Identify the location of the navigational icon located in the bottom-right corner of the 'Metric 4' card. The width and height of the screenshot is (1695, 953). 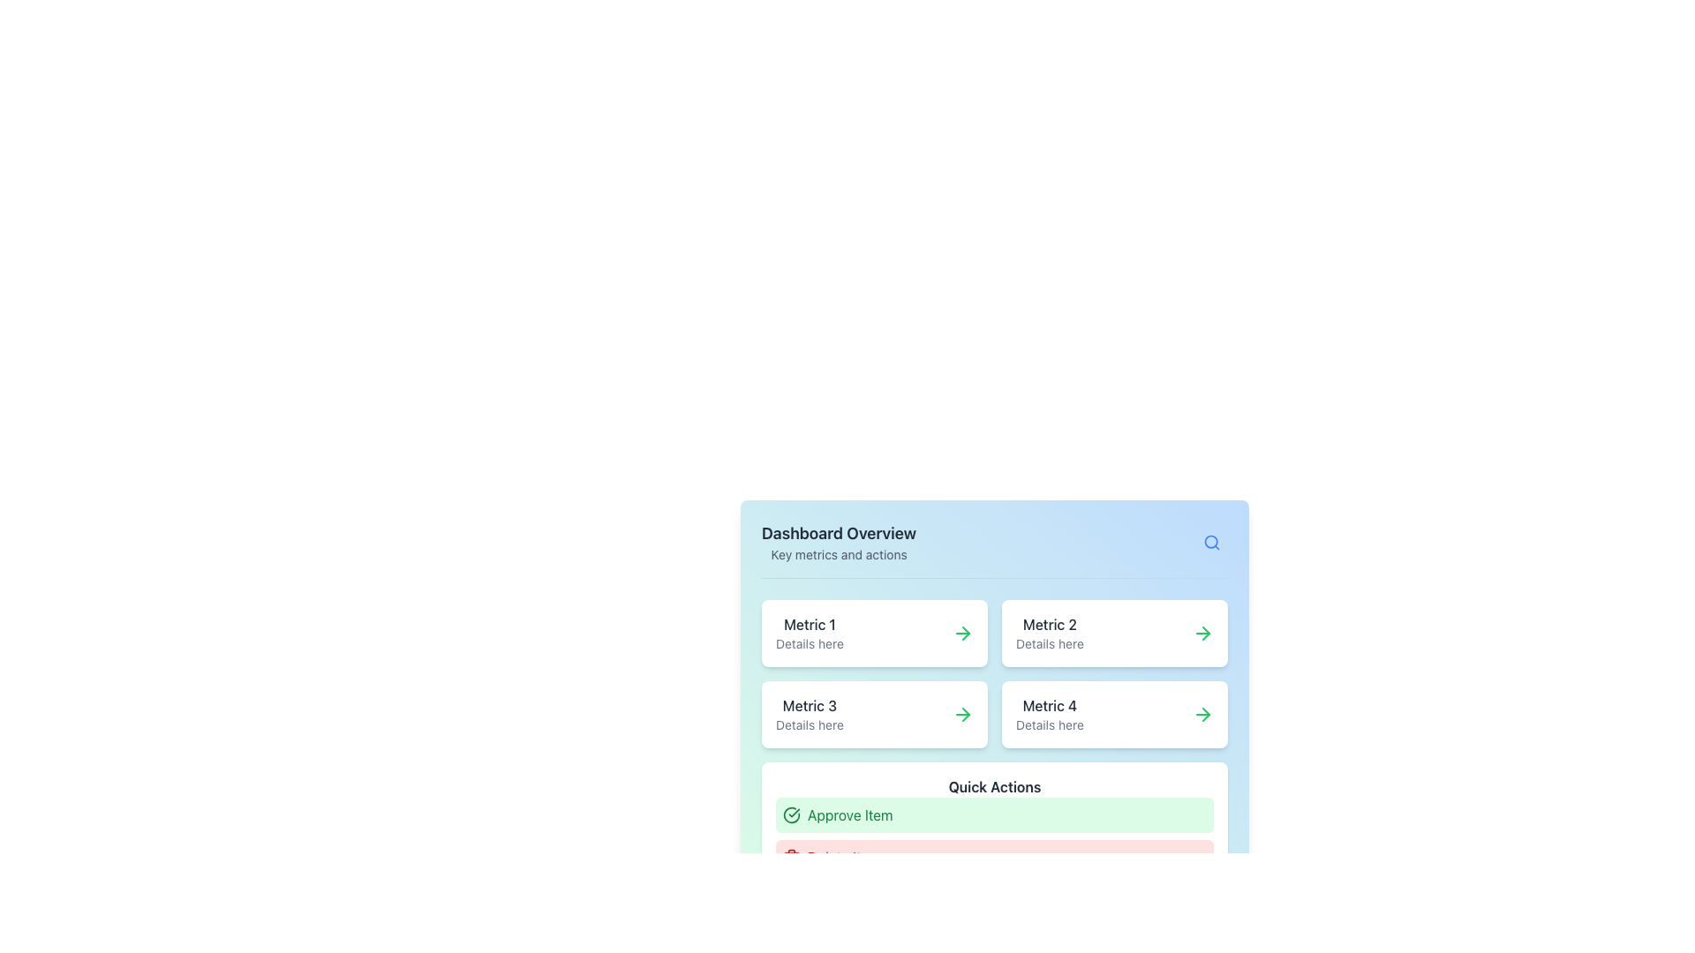
(1202, 715).